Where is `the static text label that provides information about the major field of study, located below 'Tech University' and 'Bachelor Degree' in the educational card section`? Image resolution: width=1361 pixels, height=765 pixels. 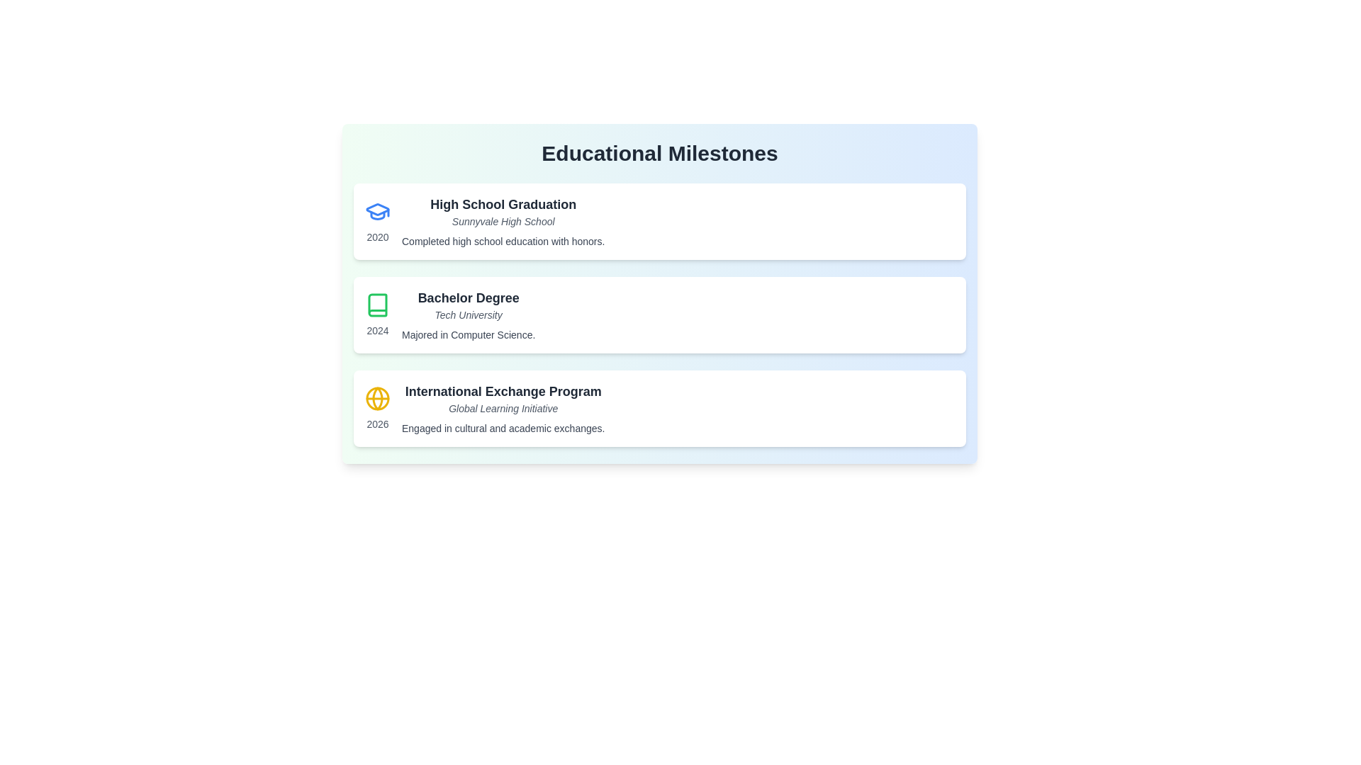
the static text label that provides information about the major field of study, located below 'Tech University' and 'Bachelor Degree' in the educational card section is located at coordinates (469, 335).